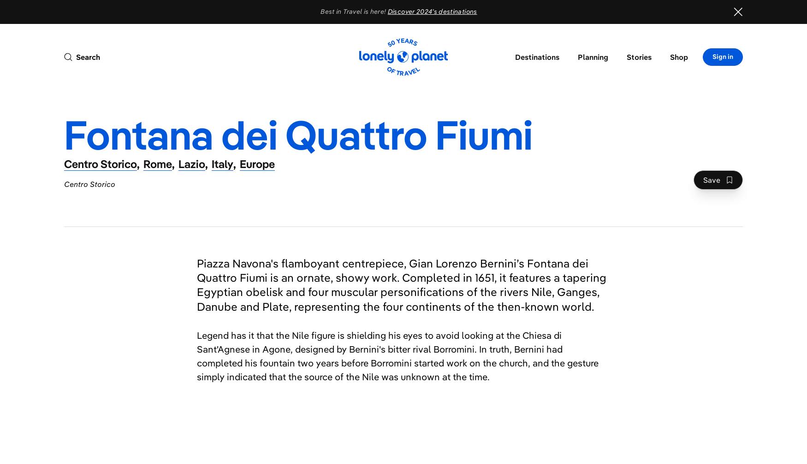  I want to click on 'Palatino', so click(757, 105).